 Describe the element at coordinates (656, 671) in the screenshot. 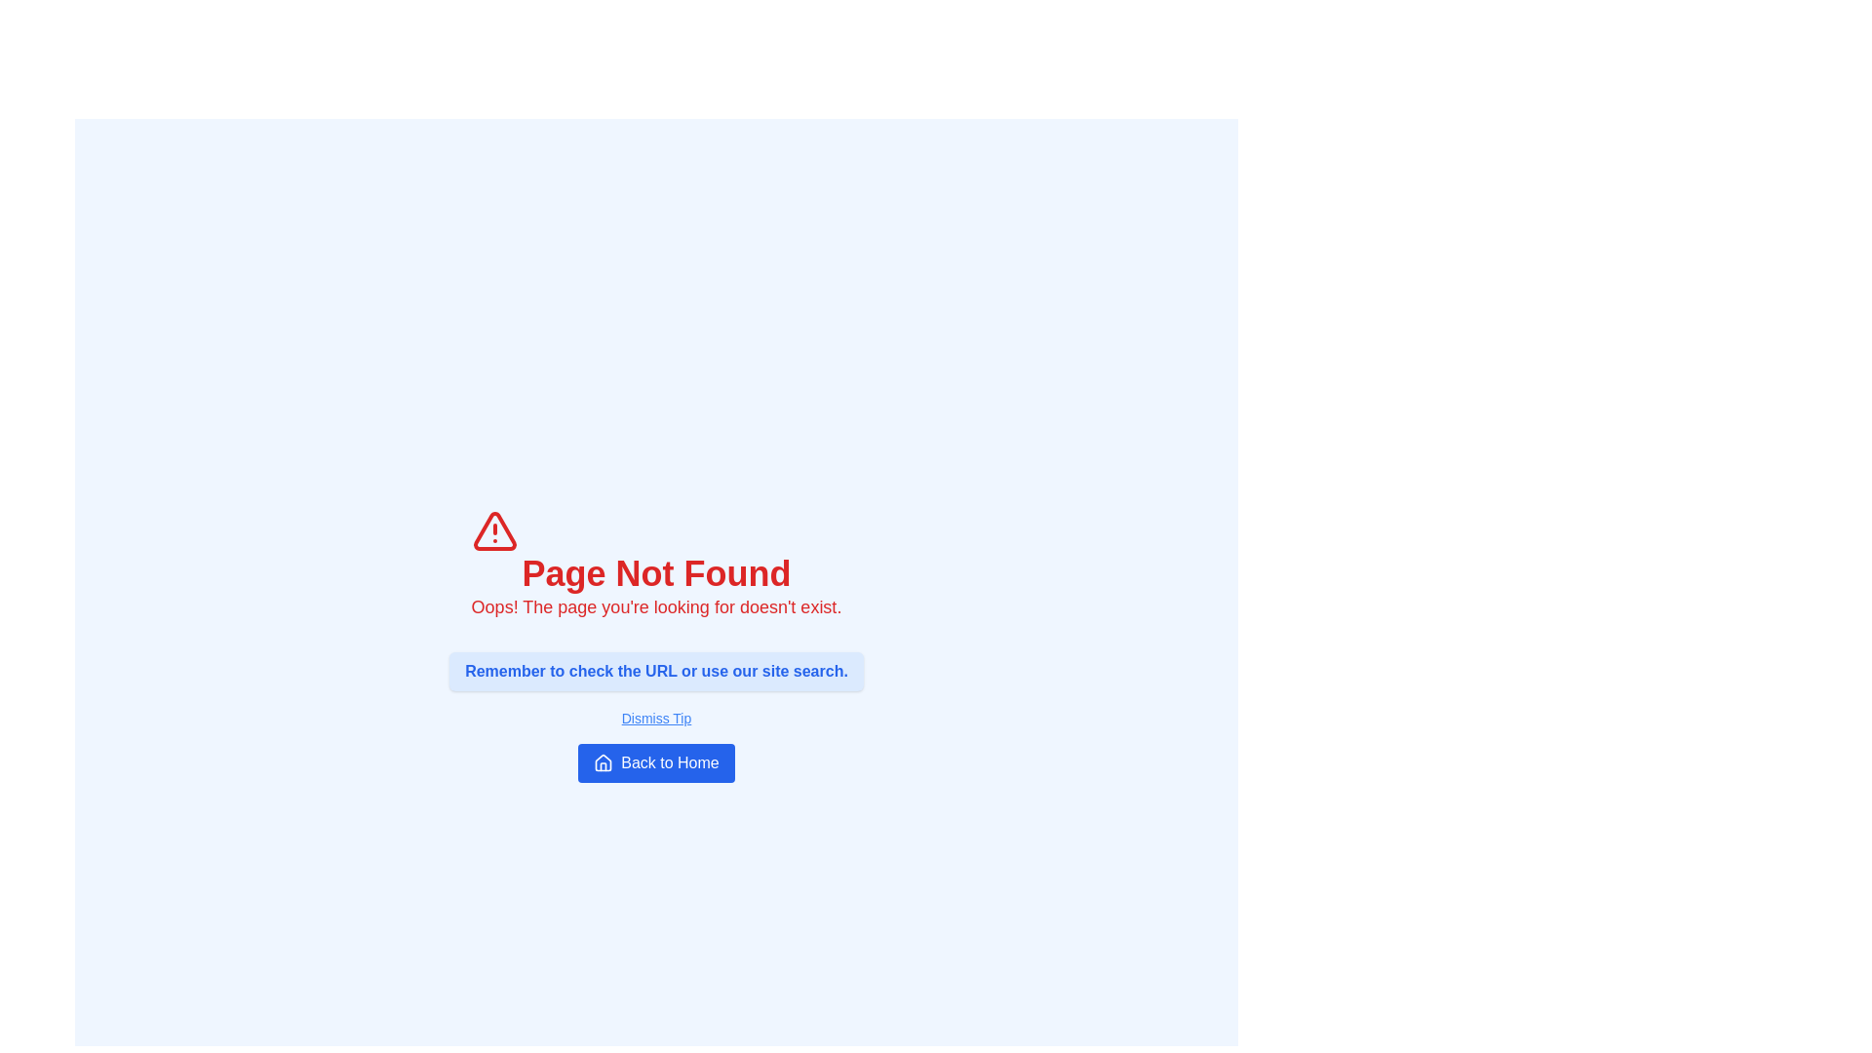

I see `the text box with a light blue background that says 'Remember to check the URL or use our site search.' This box is located below the 'Page Not Found' header and above the 'Dismiss Tip' link` at that location.